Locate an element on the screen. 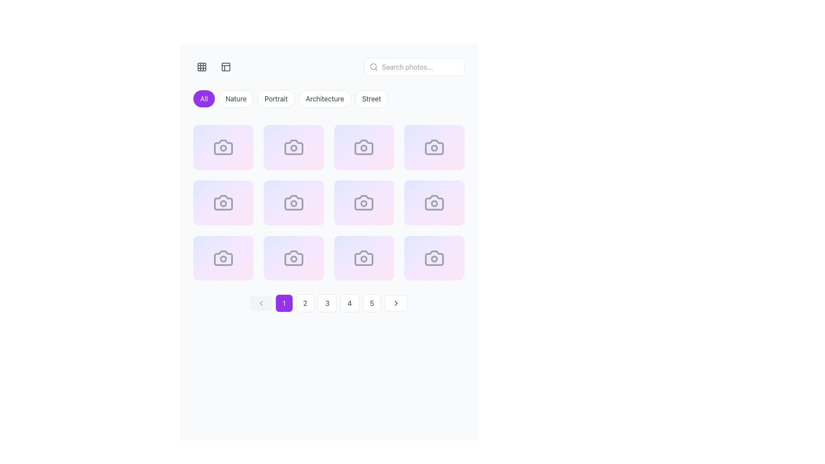 This screenshot has width=825, height=464. the 'share' button located in the lower-right cell of the grid layout, which features a decorative SVG icon and a rounded background is located at coordinates (438, 266).